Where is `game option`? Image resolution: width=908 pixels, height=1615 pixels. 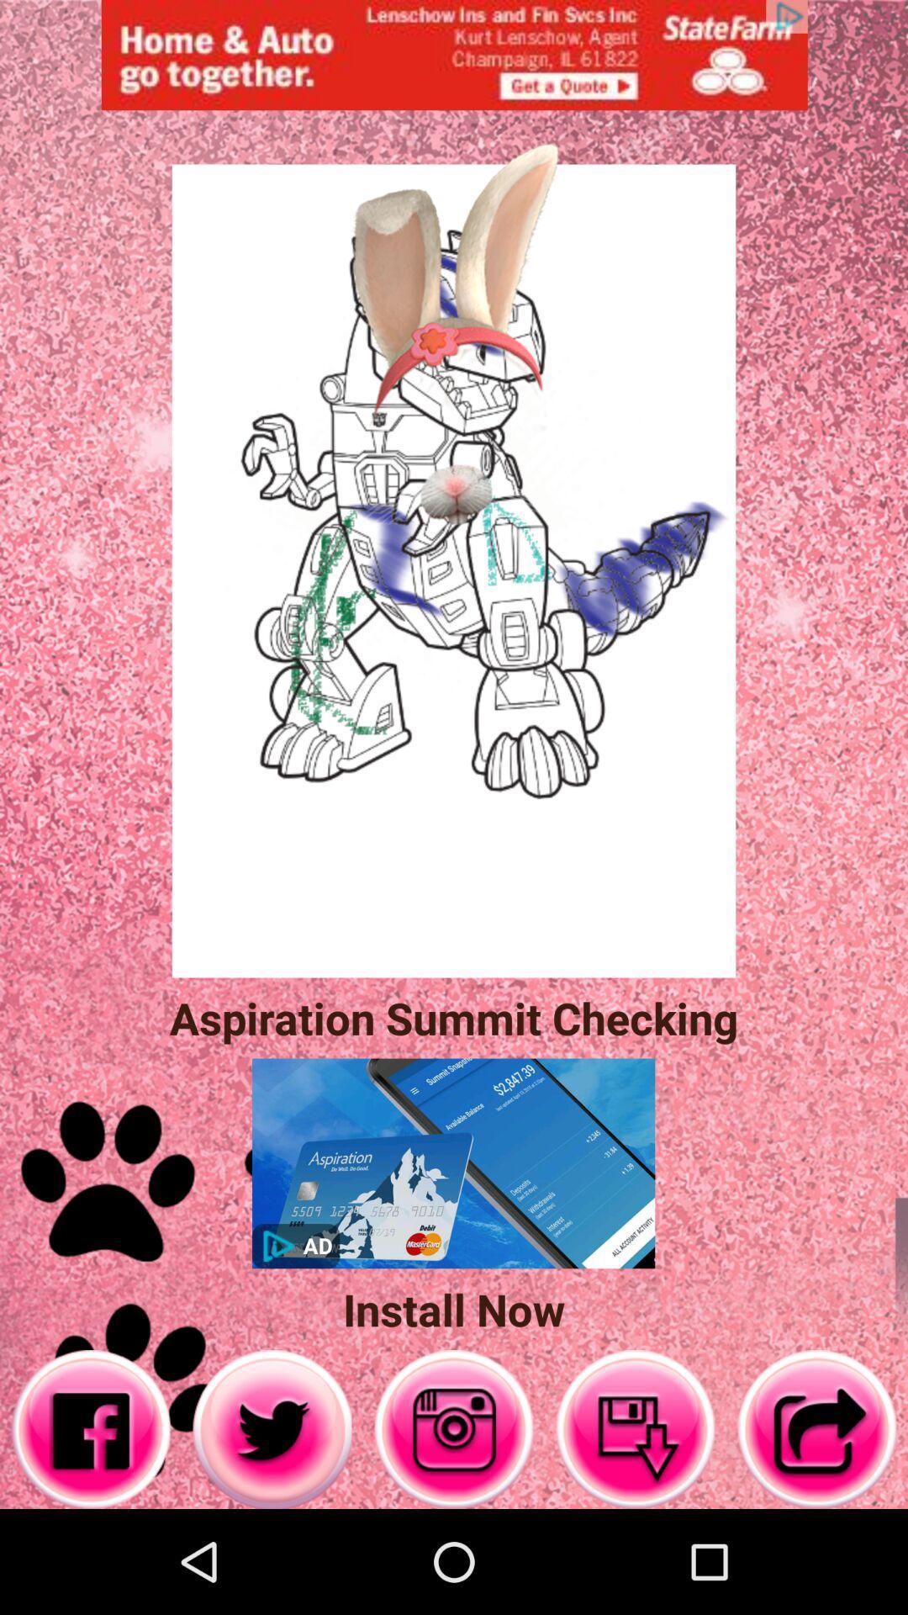
game option is located at coordinates (454, 1428).